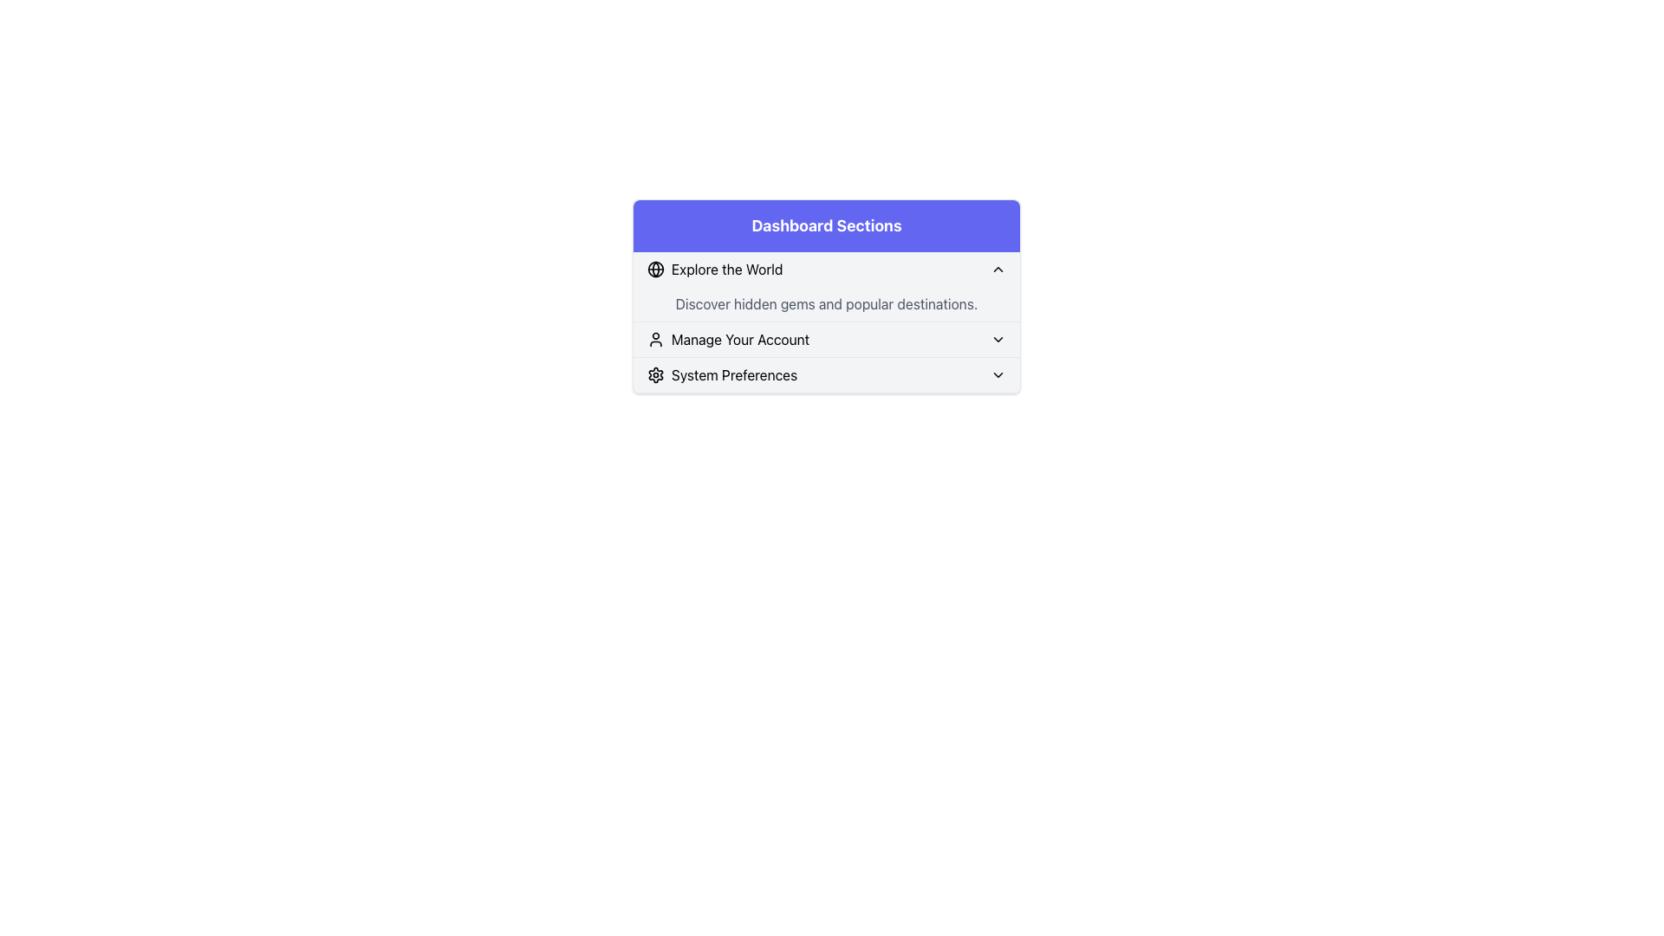 The width and height of the screenshot is (1664, 936). Describe the element at coordinates (826, 225) in the screenshot. I see `title text located at the center of the top purple header bar, which indicates the purpose of the following sections related to the dashboard` at that location.